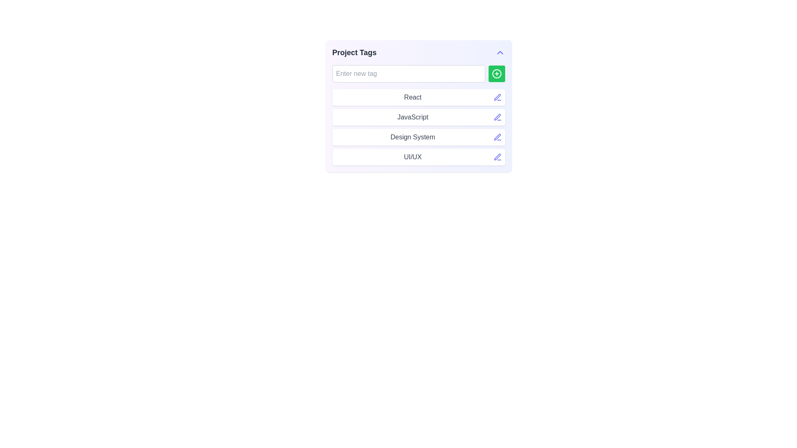  I want to click on the toggle button in the top-right corner of the 'Project Tags' section, so click(499, 53).